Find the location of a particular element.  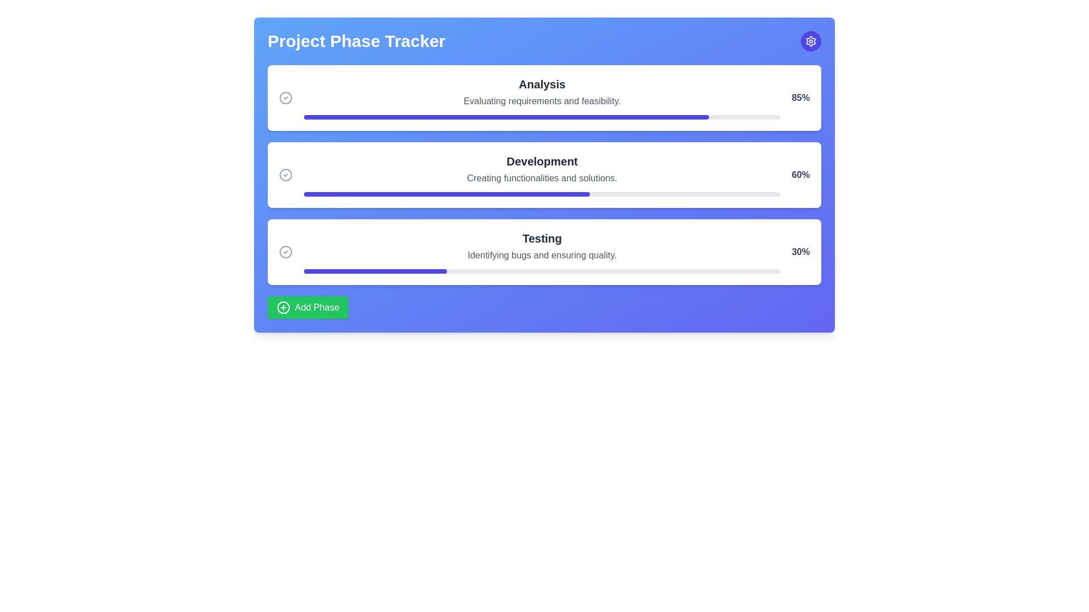

the settings icon located at the top-right corner of the application interface is located at coordinates (811, 41).